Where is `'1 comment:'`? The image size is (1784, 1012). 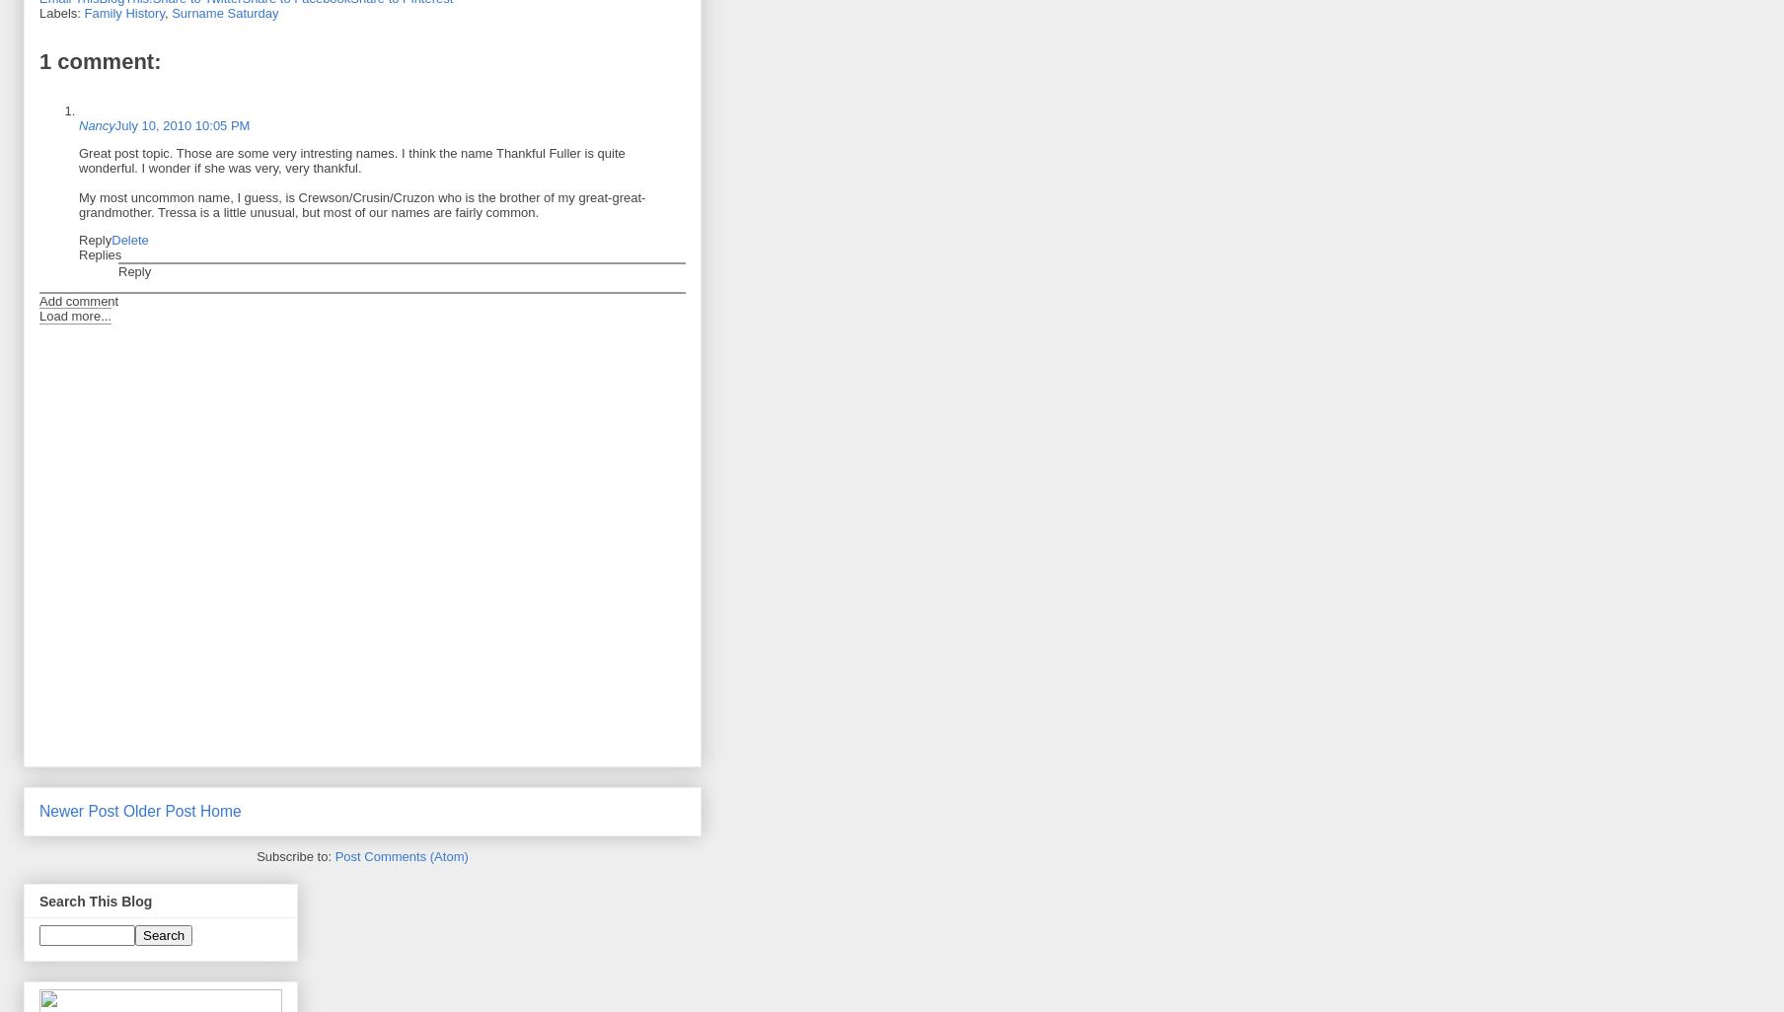
'1 comment:' is located at coordinates (99, 60).